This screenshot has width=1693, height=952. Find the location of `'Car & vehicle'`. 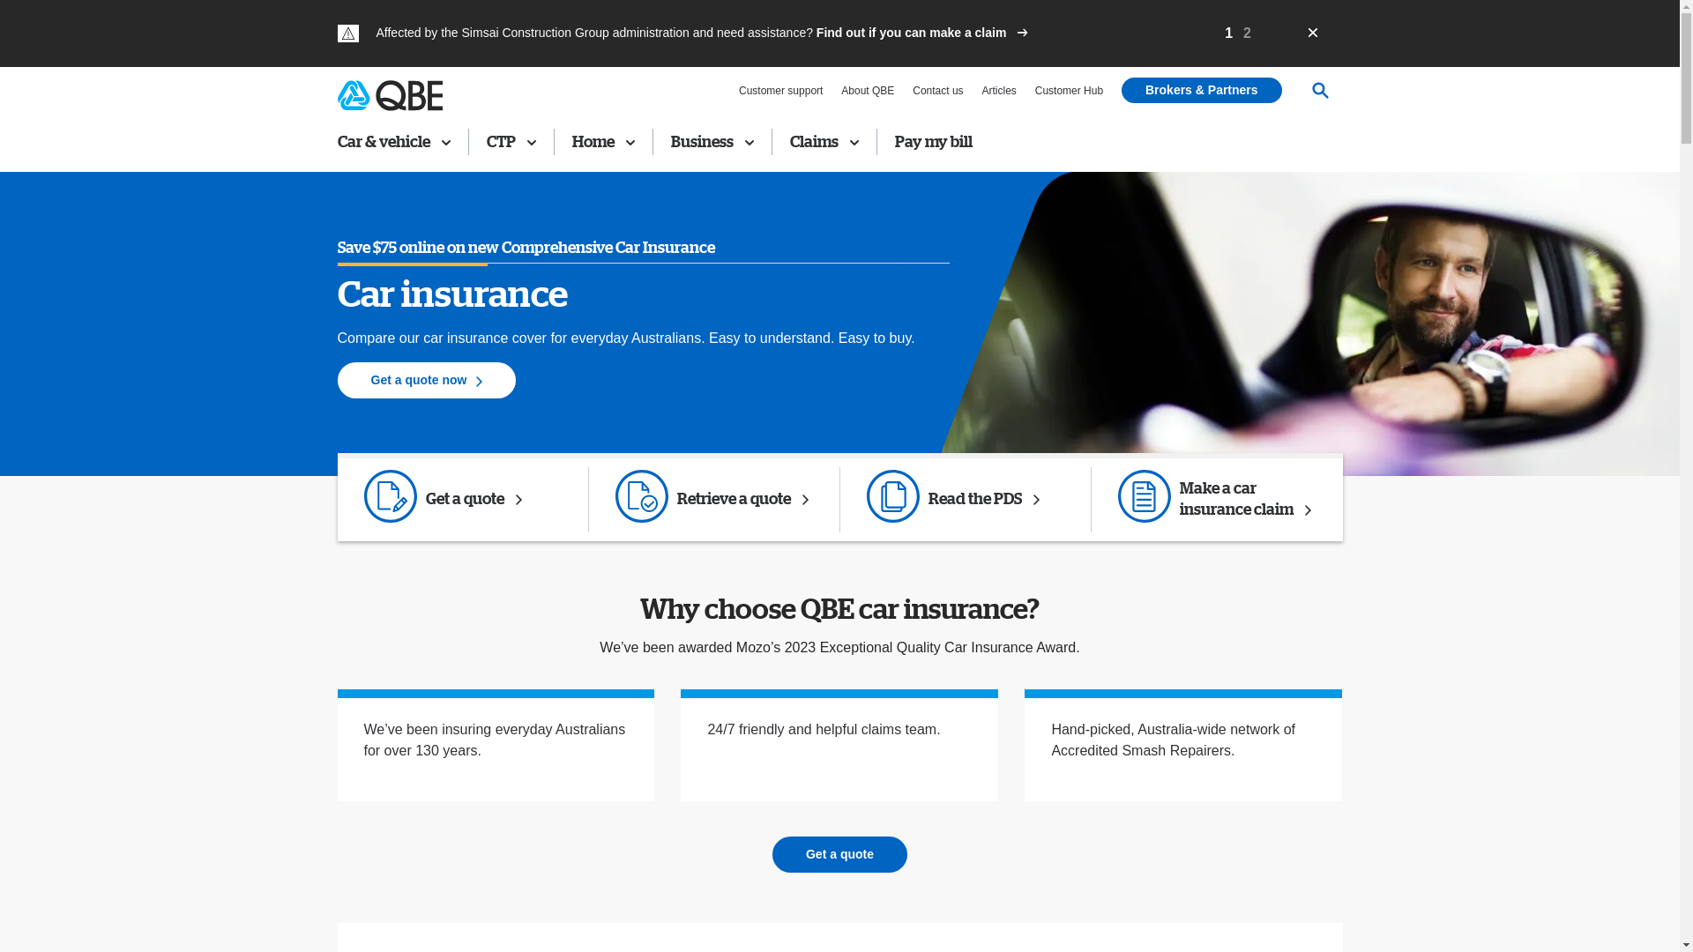

'Car & vehicle' is located at coordinates (395, 141).